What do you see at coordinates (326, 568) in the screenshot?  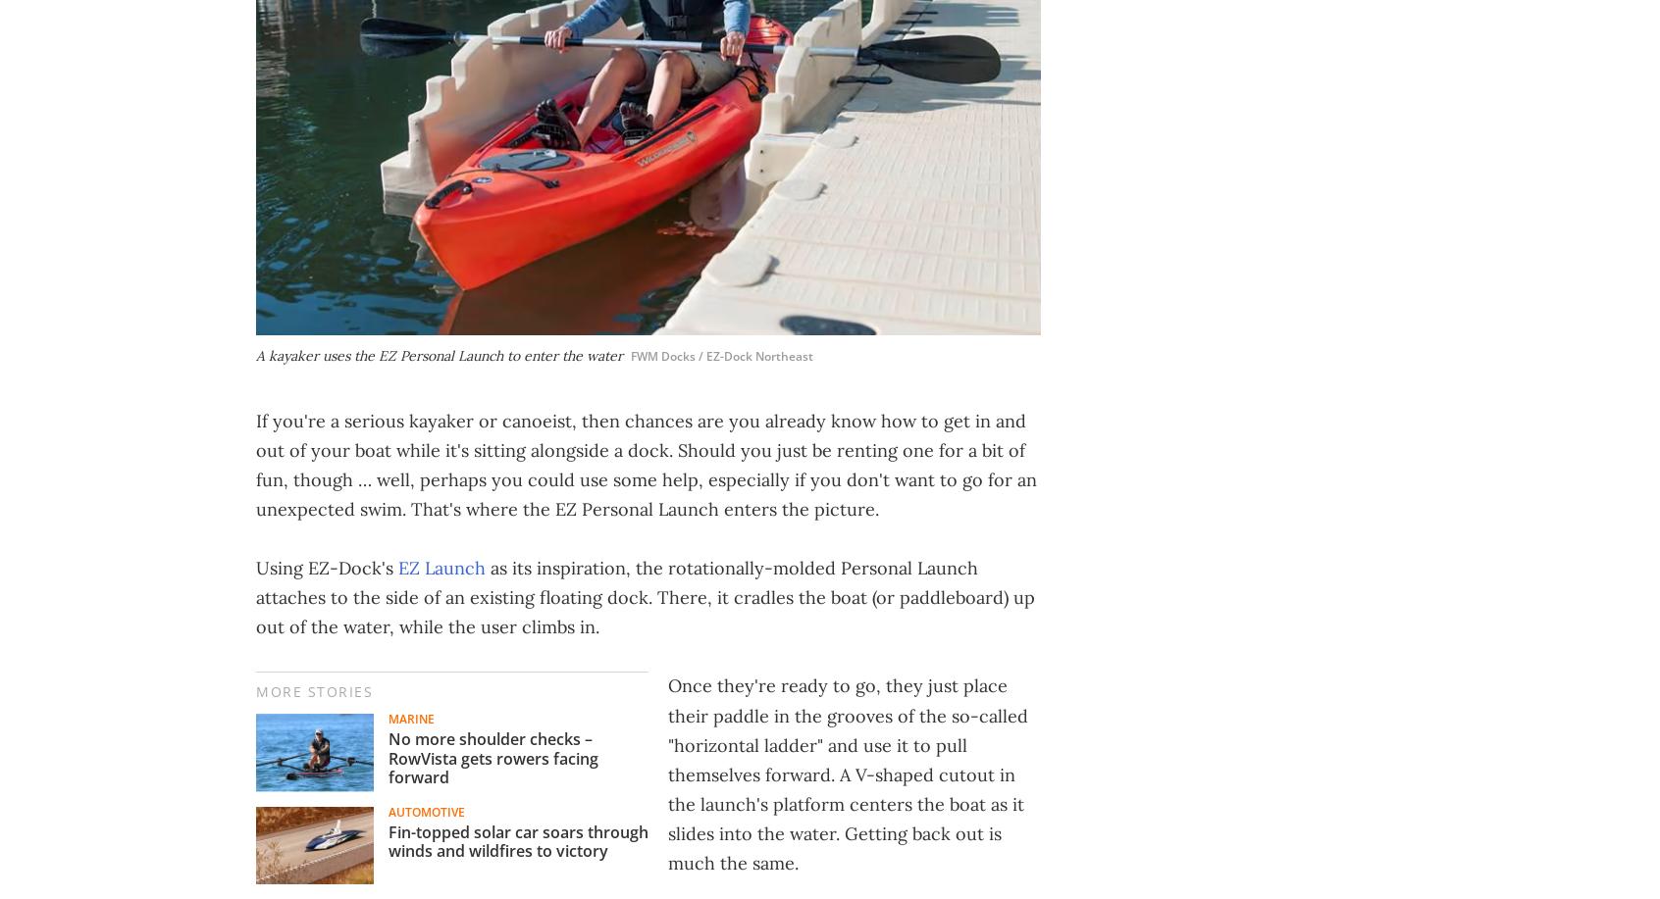 I see `'Using EZ-Dock's'` at bounding box center [326, 568].